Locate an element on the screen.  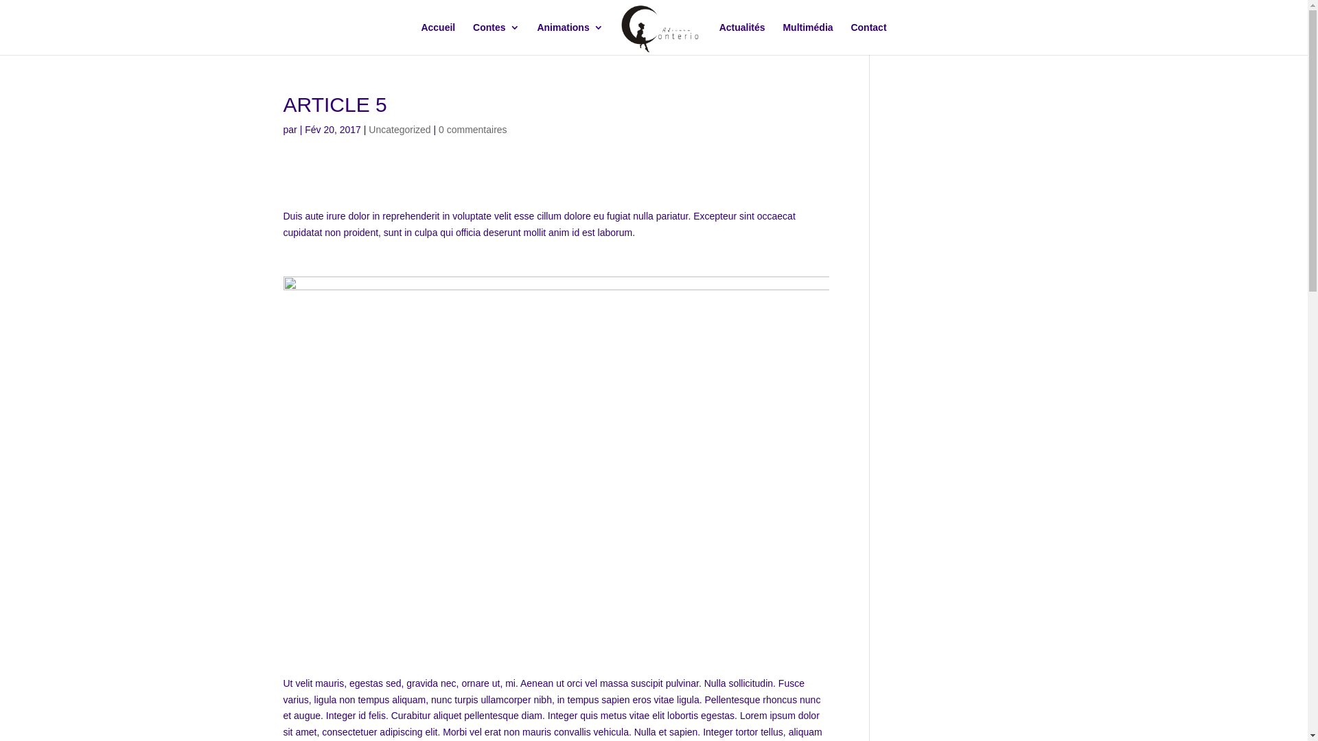
'Accueil' is located at coordinates (437, 38).